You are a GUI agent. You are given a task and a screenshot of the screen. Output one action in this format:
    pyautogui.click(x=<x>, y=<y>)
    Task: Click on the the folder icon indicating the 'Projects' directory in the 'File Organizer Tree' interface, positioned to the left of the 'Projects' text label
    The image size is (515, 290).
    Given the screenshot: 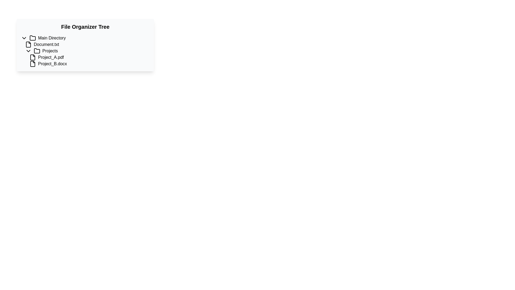 What is the action you would take?
    pyautogui.click(x=37, y=51)
    